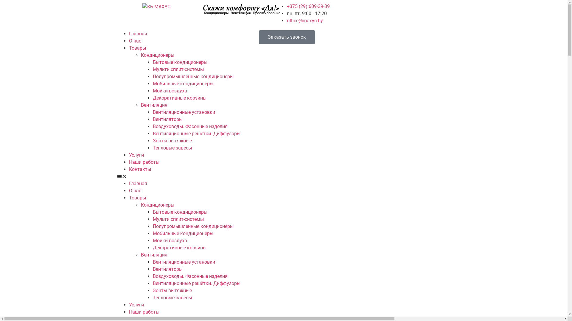 The height and width of the screenshot is (321, 572). Describe the element at coordinates (304, 20) in the screenshot. I see `'office@maxyc.by'` at that location.